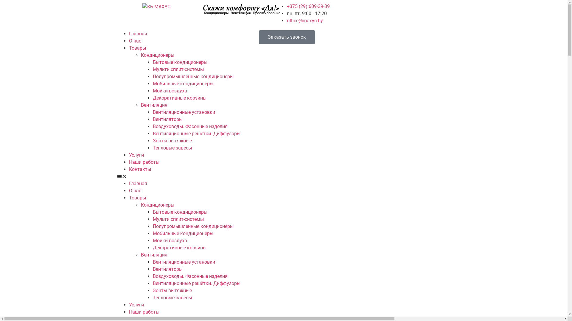 The height and width of the screenshot is (321, 572). Describe the element at coordinates (304, 20) in the screenshot. I see `'office@maxyc.by'` at that location.